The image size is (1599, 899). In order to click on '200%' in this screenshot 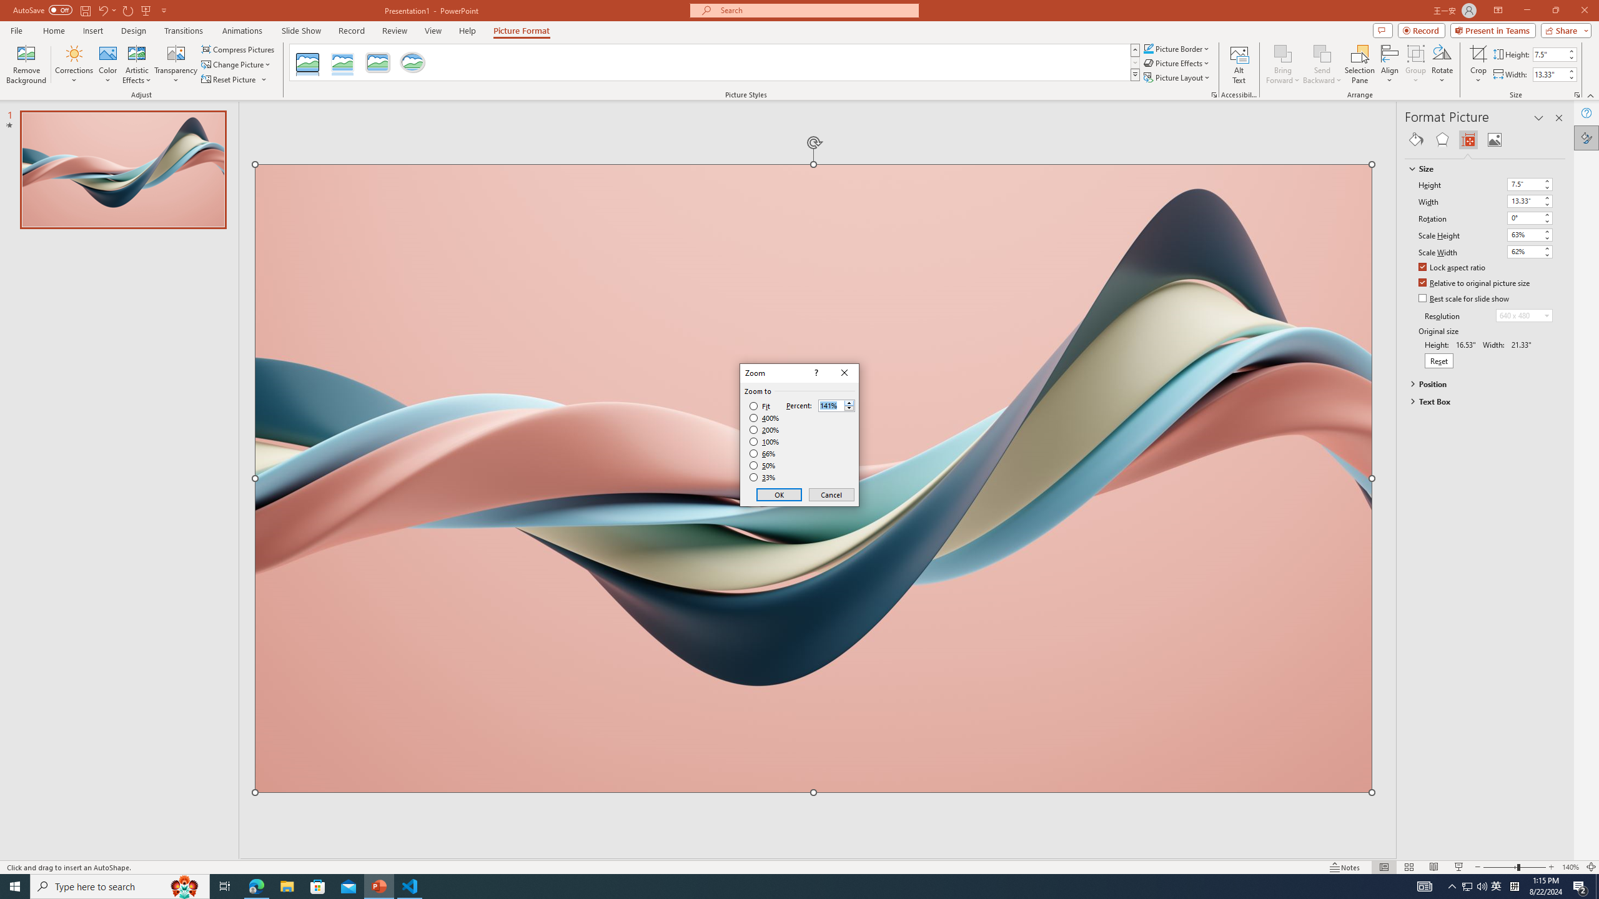, I will do `click(764, 430)`.